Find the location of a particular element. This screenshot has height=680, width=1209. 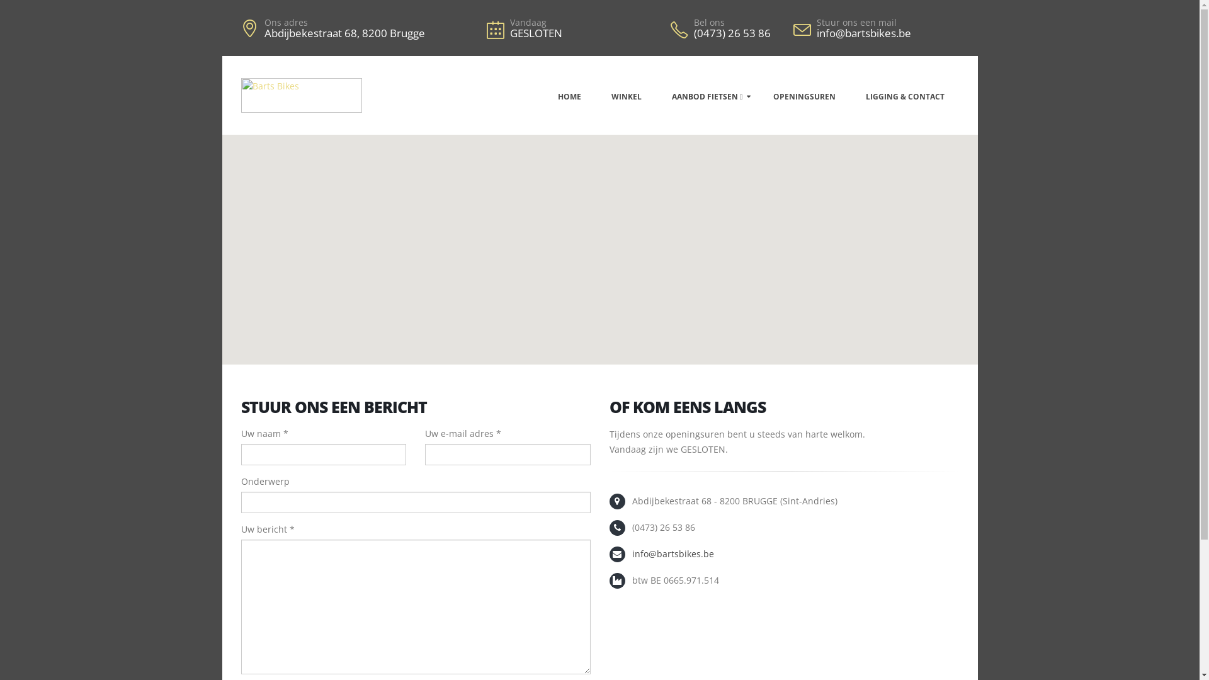

'info@bartsbikes.be' is located at coordinates (673, 553).